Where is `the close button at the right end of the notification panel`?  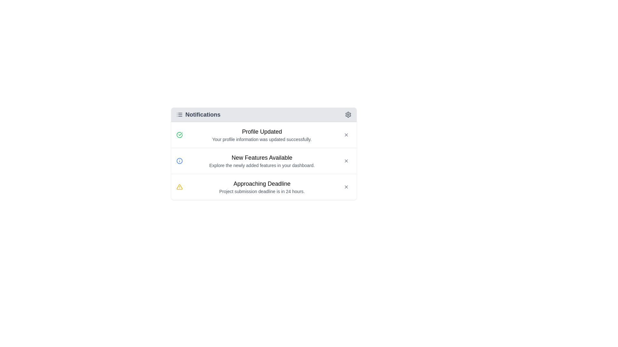
the close button at the right end of the notification panel is located at coordinates (346, 187).